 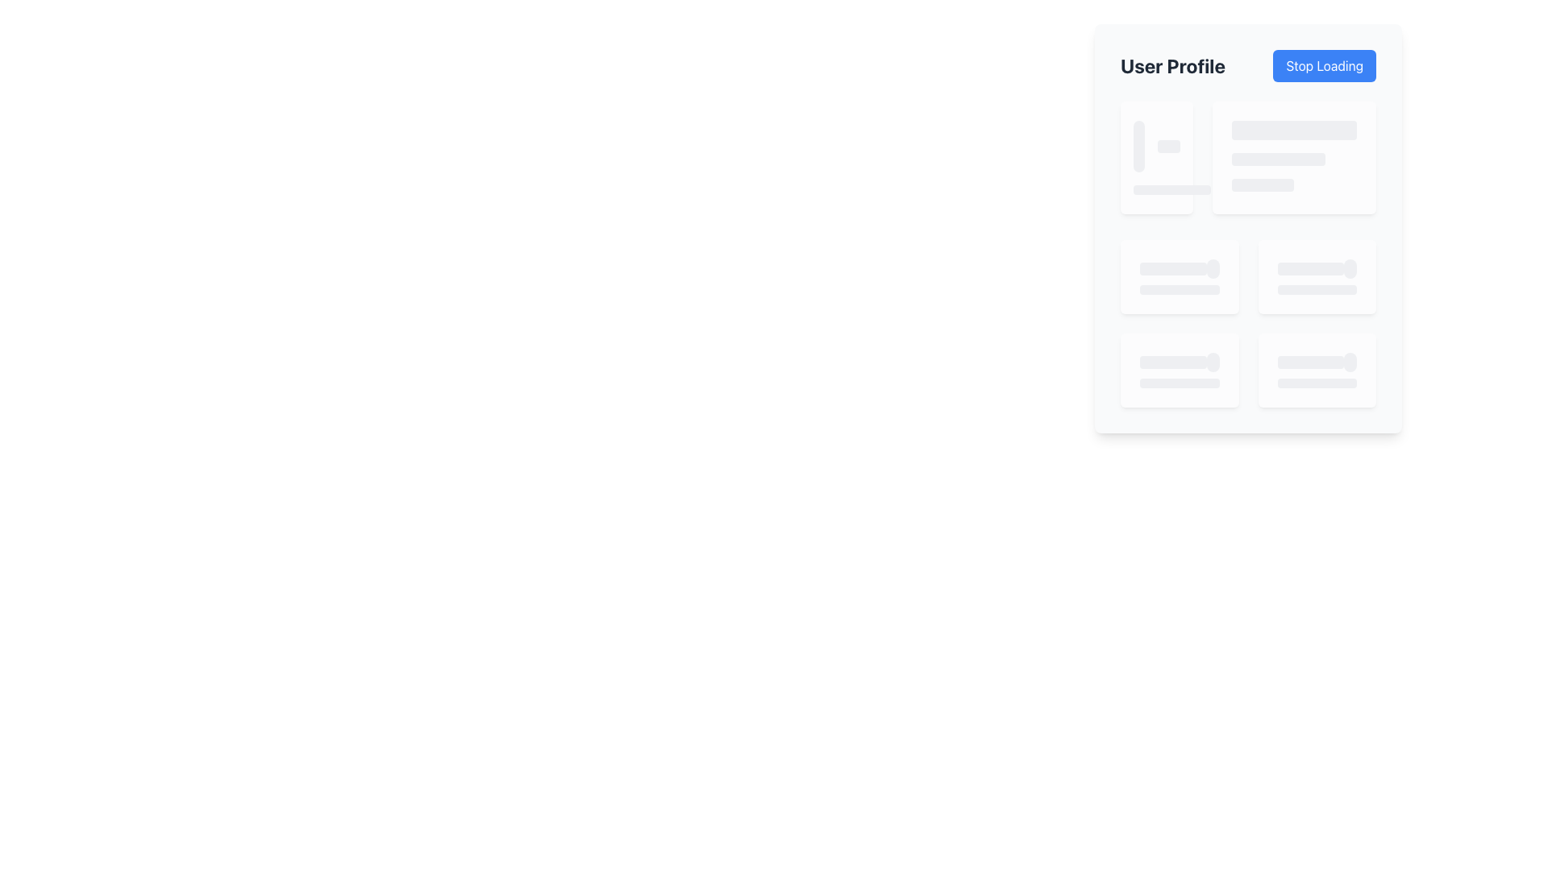 I want to click on the Loading Placeholder Card, which is the first element in the top-left corner of the three-column grid layout, located just below the 'User Profile' title, so click(x=1155, y=158).